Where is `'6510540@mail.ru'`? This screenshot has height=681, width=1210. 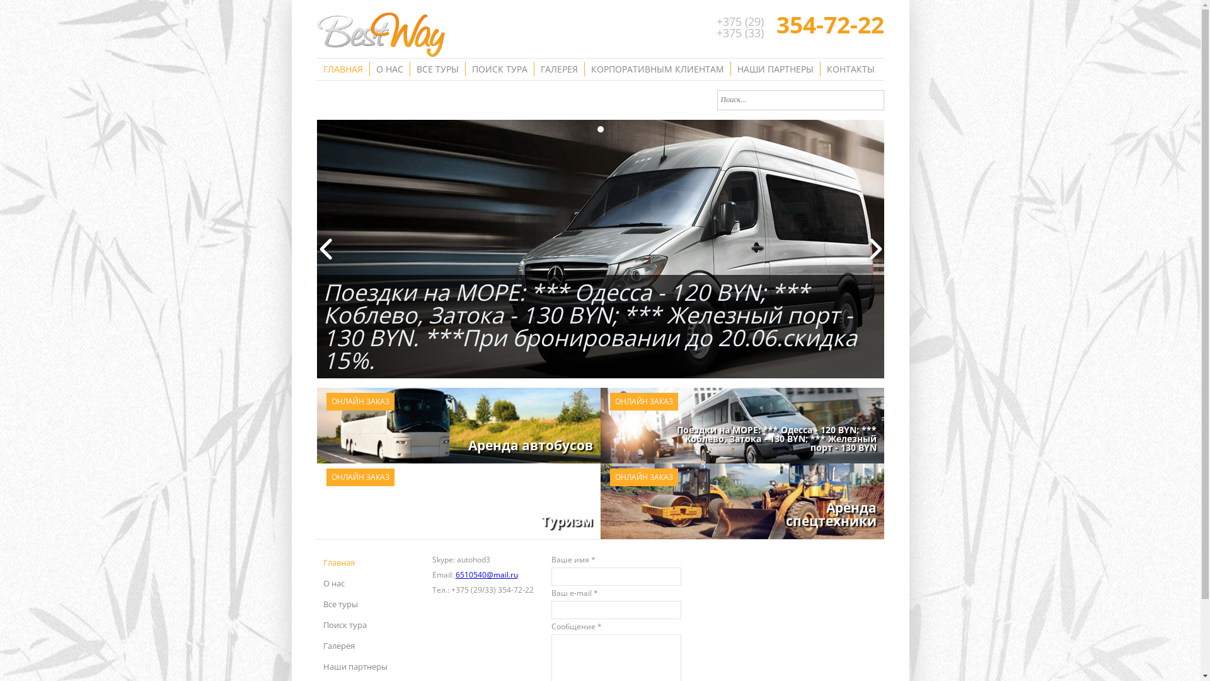 '6510540@mail.ru' is located at coordinates (454, 574).